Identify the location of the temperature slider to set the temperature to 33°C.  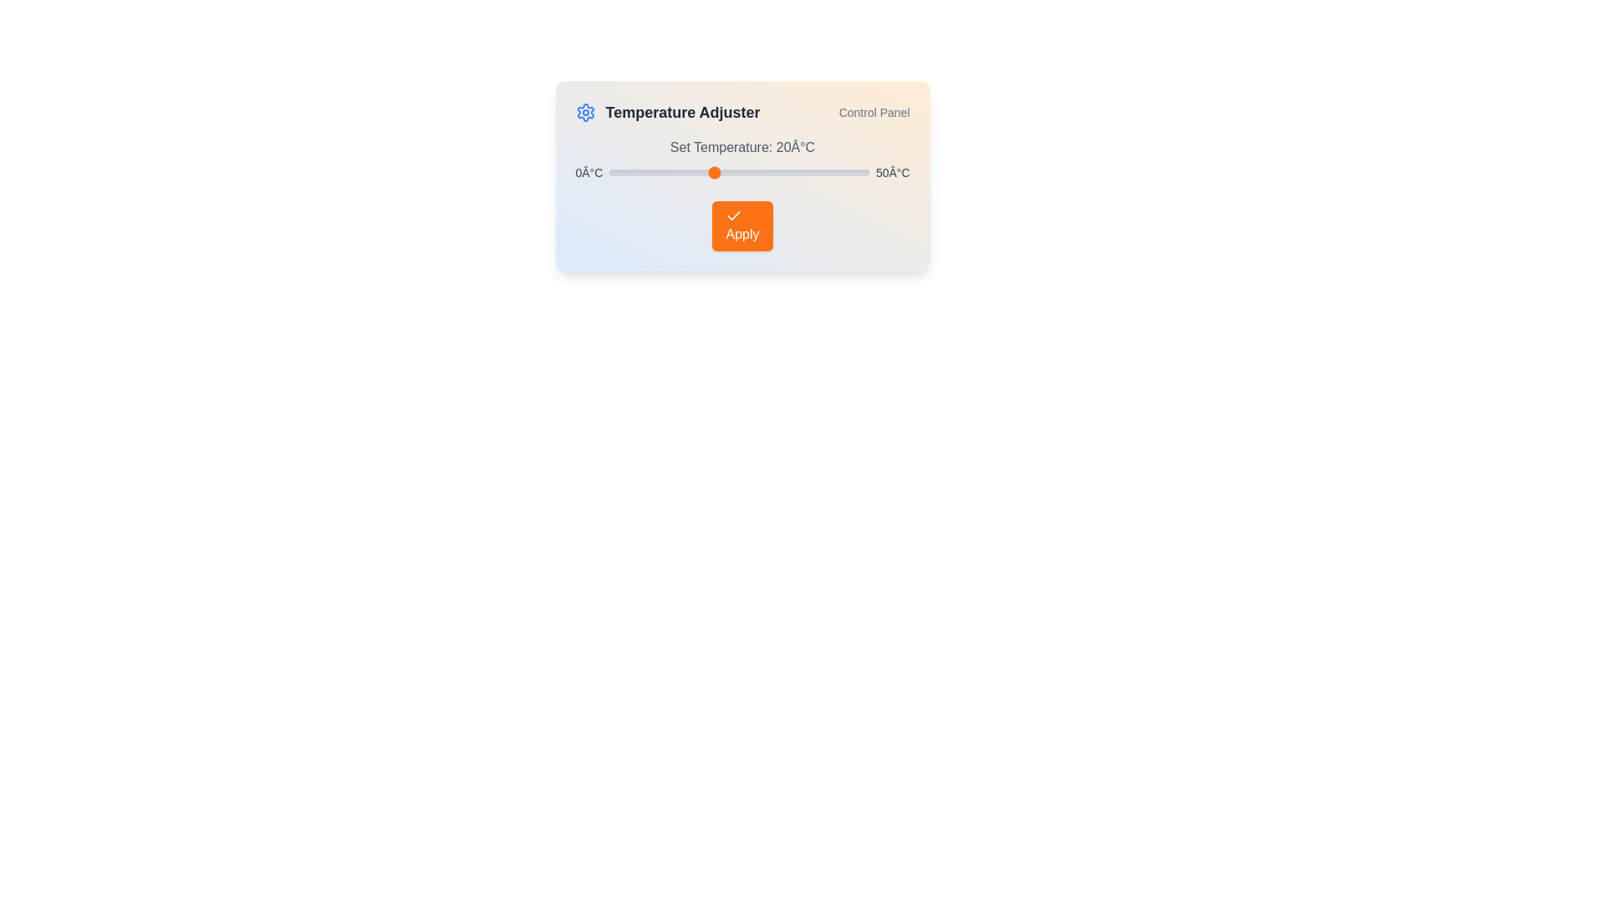
(780, 173).